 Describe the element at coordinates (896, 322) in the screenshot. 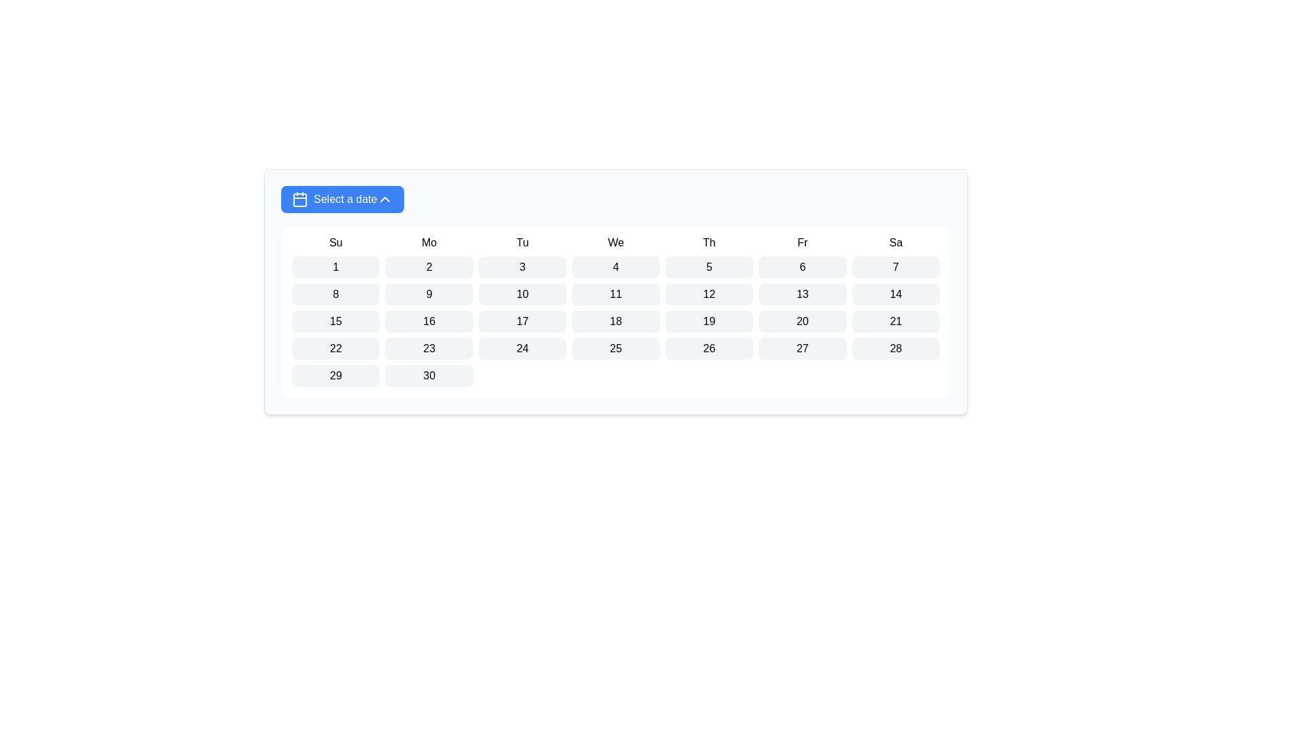

I see `the clickable calendar date cell representing the 21st day of the month, located in the sixth row and seventh column under the 'Sa' label to trigger a hover effect` at that location.